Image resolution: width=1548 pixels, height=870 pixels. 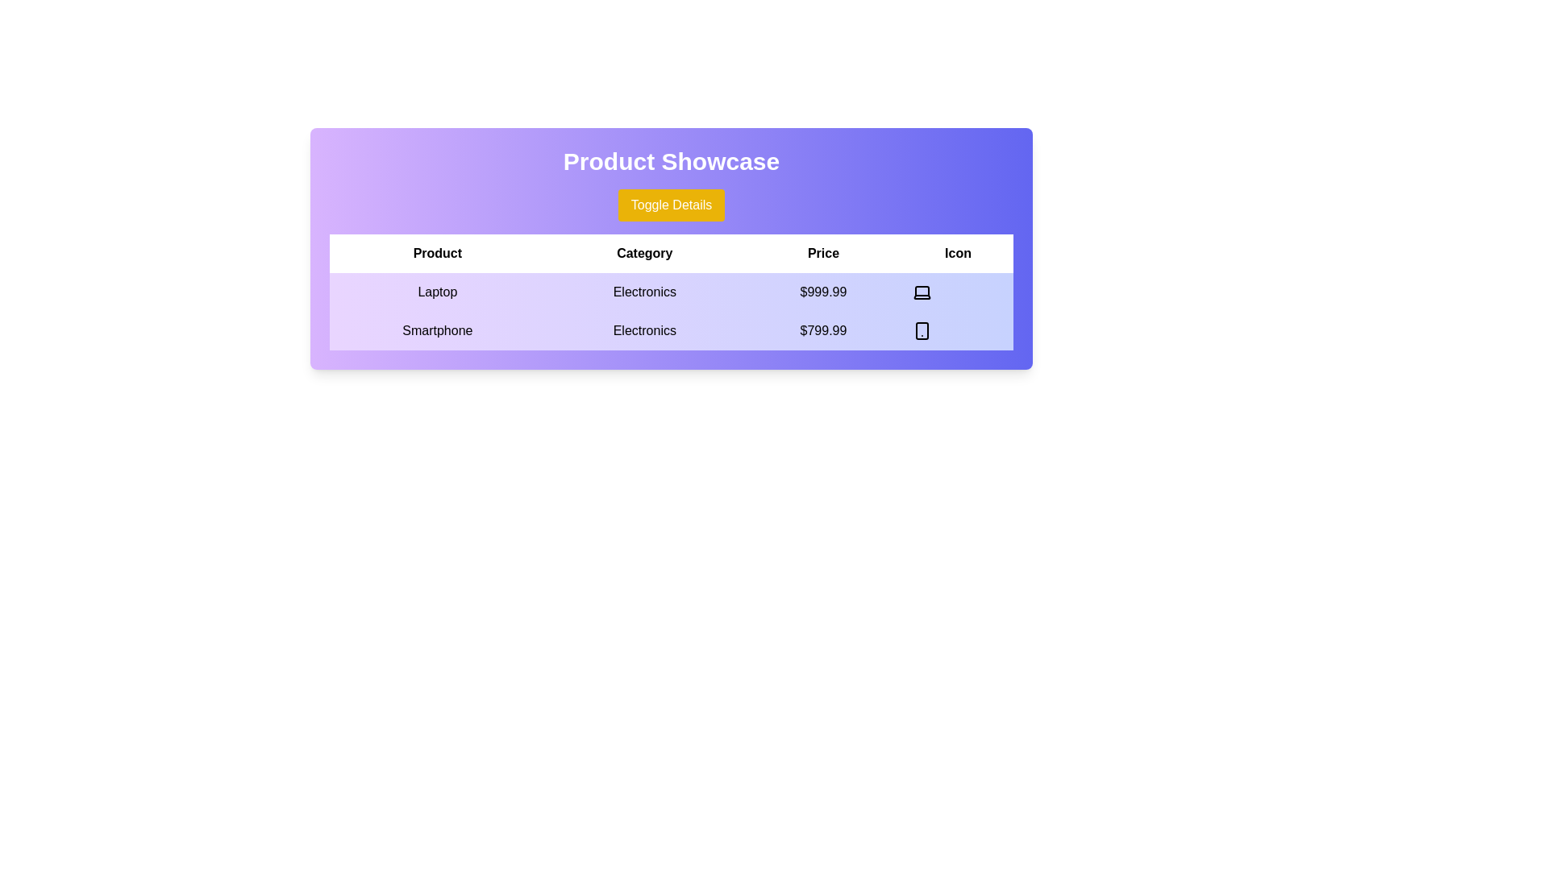 What do you see at coordinates (672, 204) in the screenshot?
I see `the 'Toggle Details' button, which is a rectangular button with rounded corners, a yellow background, and white text` at bounding box center [672, 204].